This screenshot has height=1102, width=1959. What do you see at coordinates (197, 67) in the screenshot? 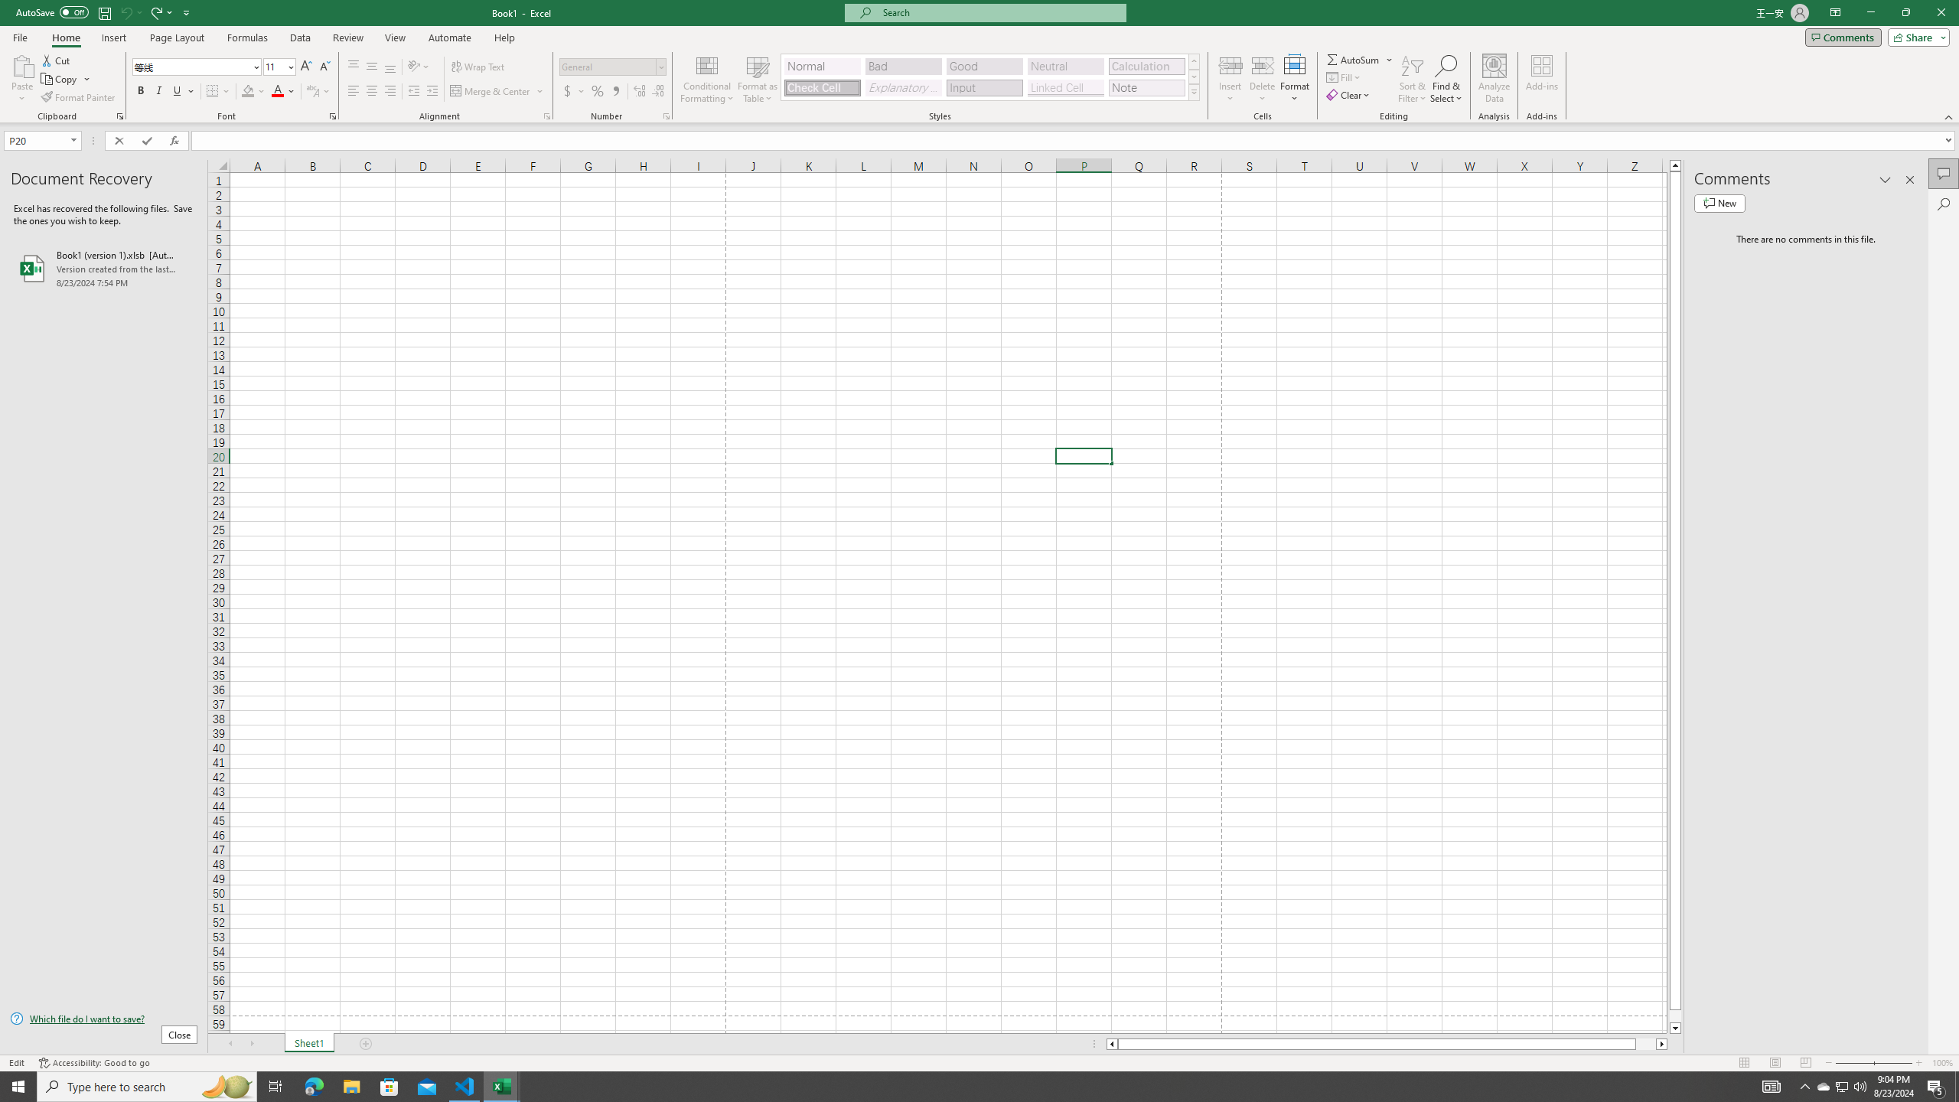
I see `'Font'` at bounding box center [197, 67].